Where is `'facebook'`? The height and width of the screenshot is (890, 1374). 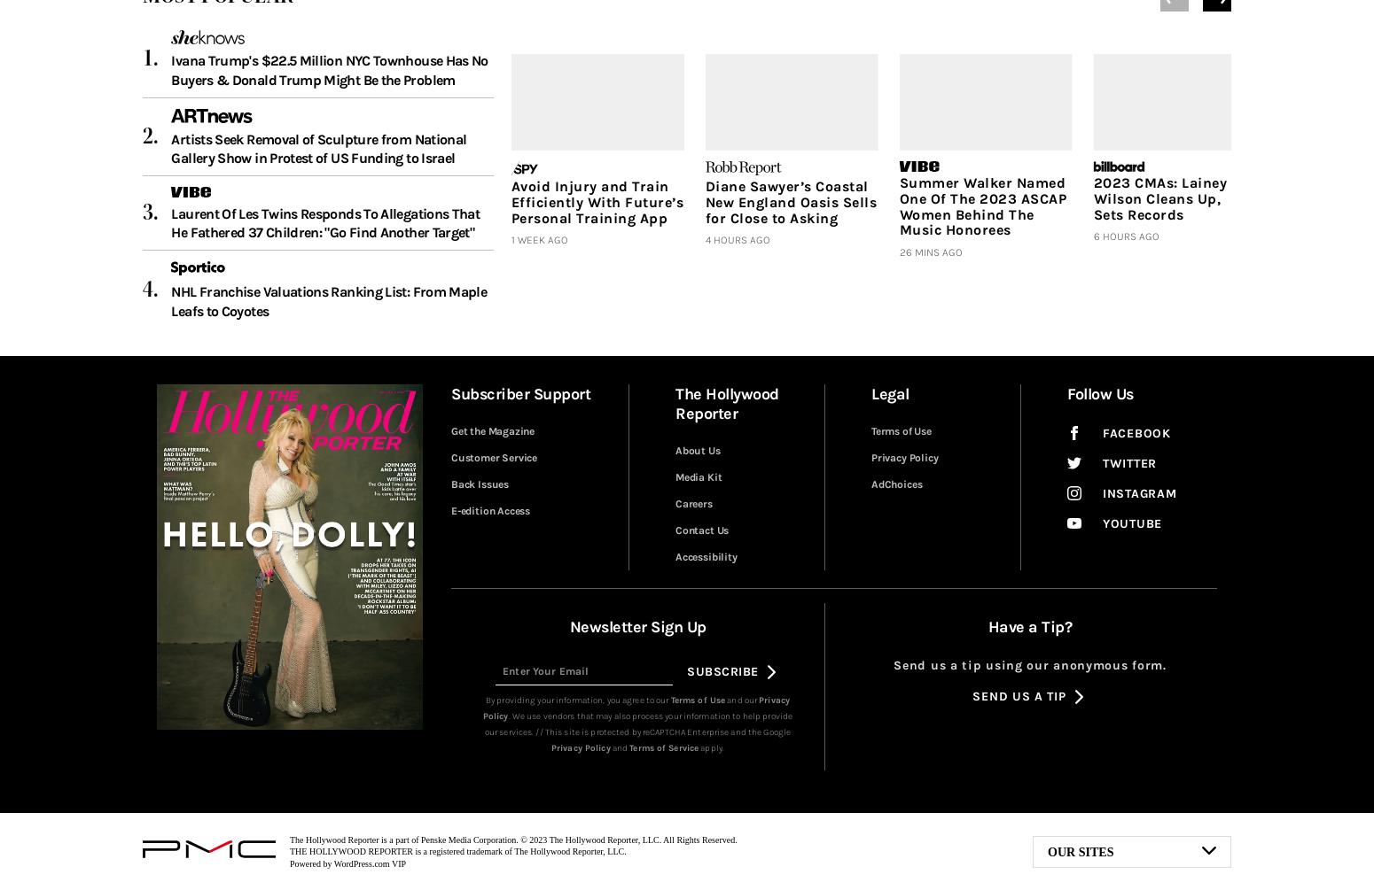
'facebook' is located at coordinates (1136, 432).